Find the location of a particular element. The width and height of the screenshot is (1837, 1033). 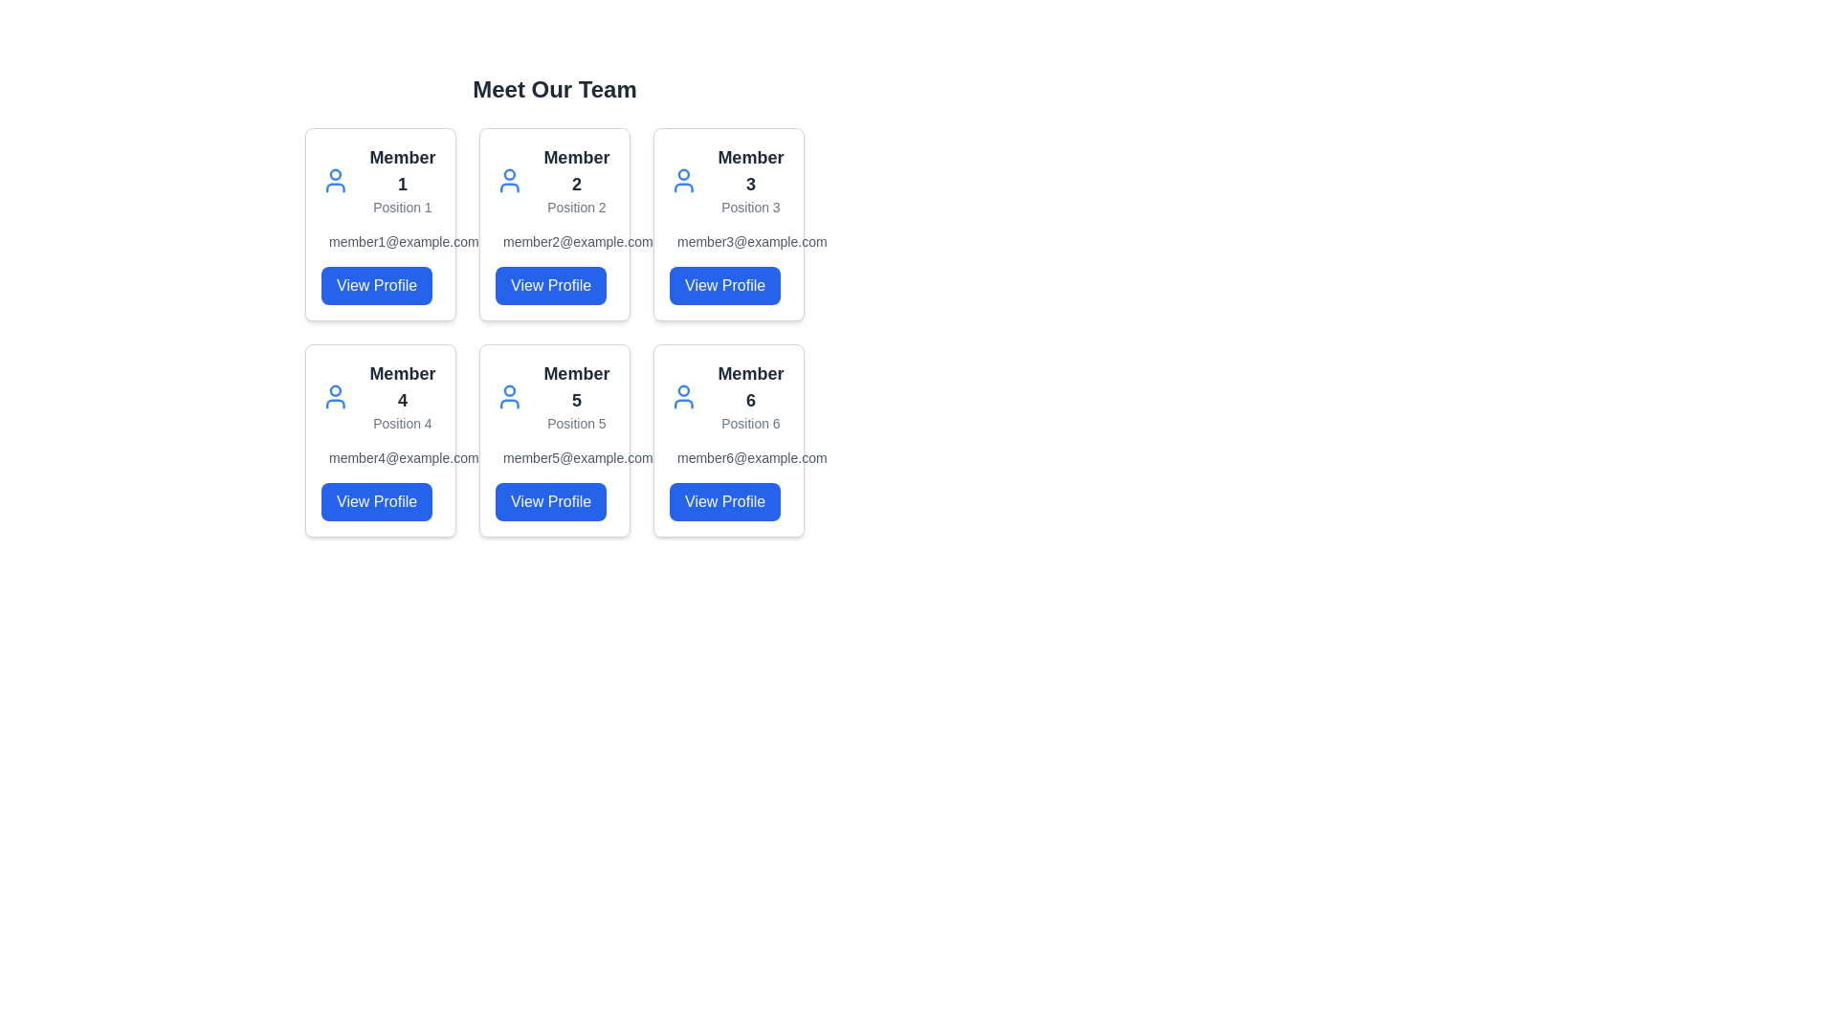

the text label identifying the member as 'Member 6', which is located at the top of the card in the second row, third column of the grid layout is located at coordinates (749, 387).